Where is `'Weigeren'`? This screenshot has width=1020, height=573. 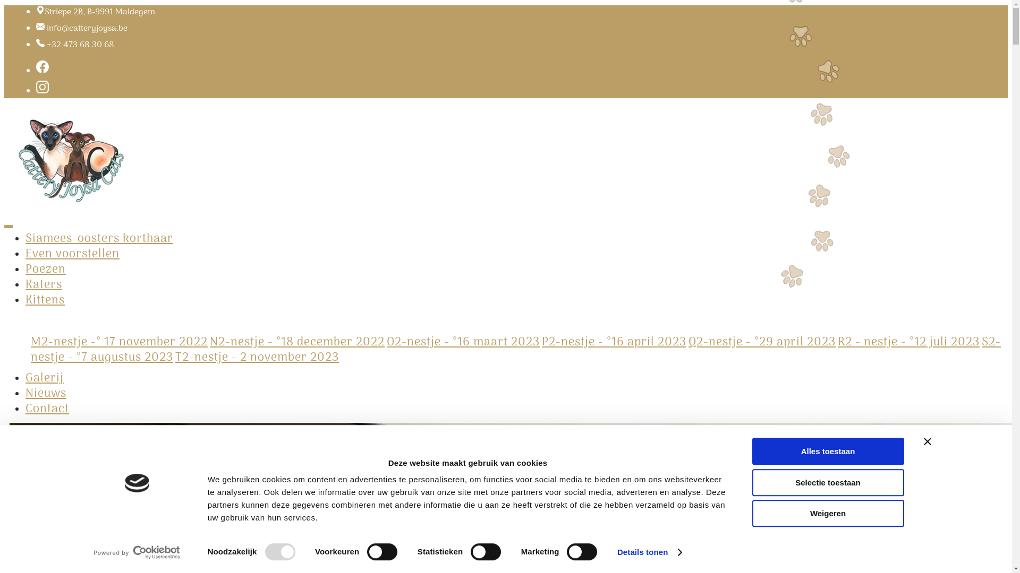
'Weigeren' is located at coordinates (828, 513).